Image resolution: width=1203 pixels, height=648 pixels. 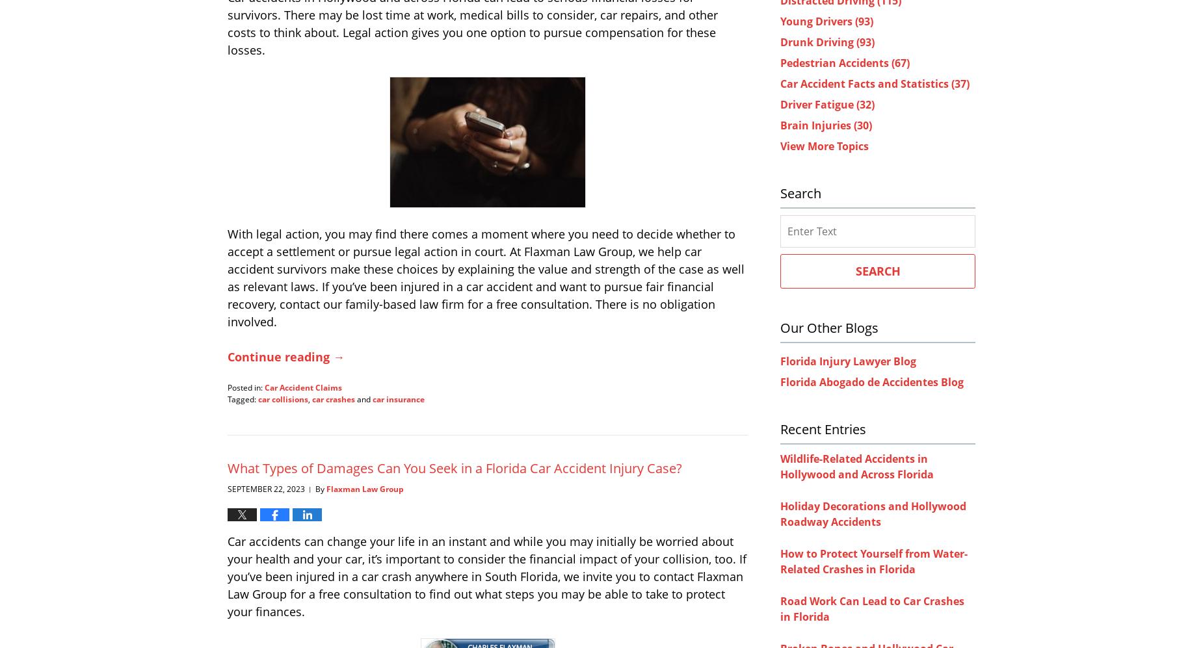 What do you see at coordinates (372, 398) in the screenshot?
I see `'car insurance'` at bounding box center [372, 398].